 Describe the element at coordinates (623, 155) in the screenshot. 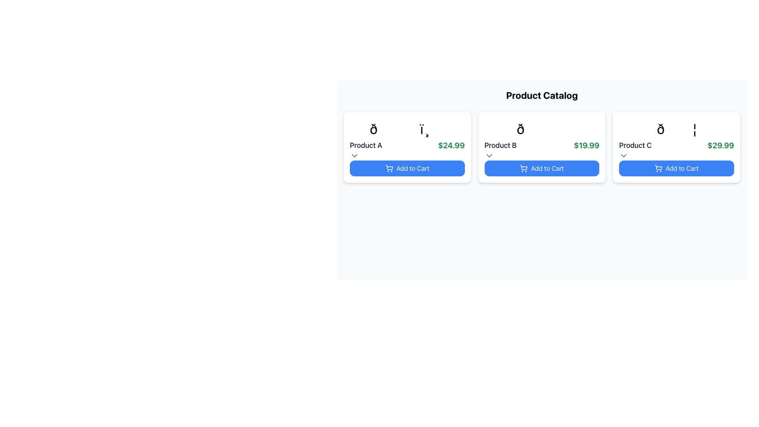

I see `the downward-facing chevron icon located under the 'Product C' text` at that location.